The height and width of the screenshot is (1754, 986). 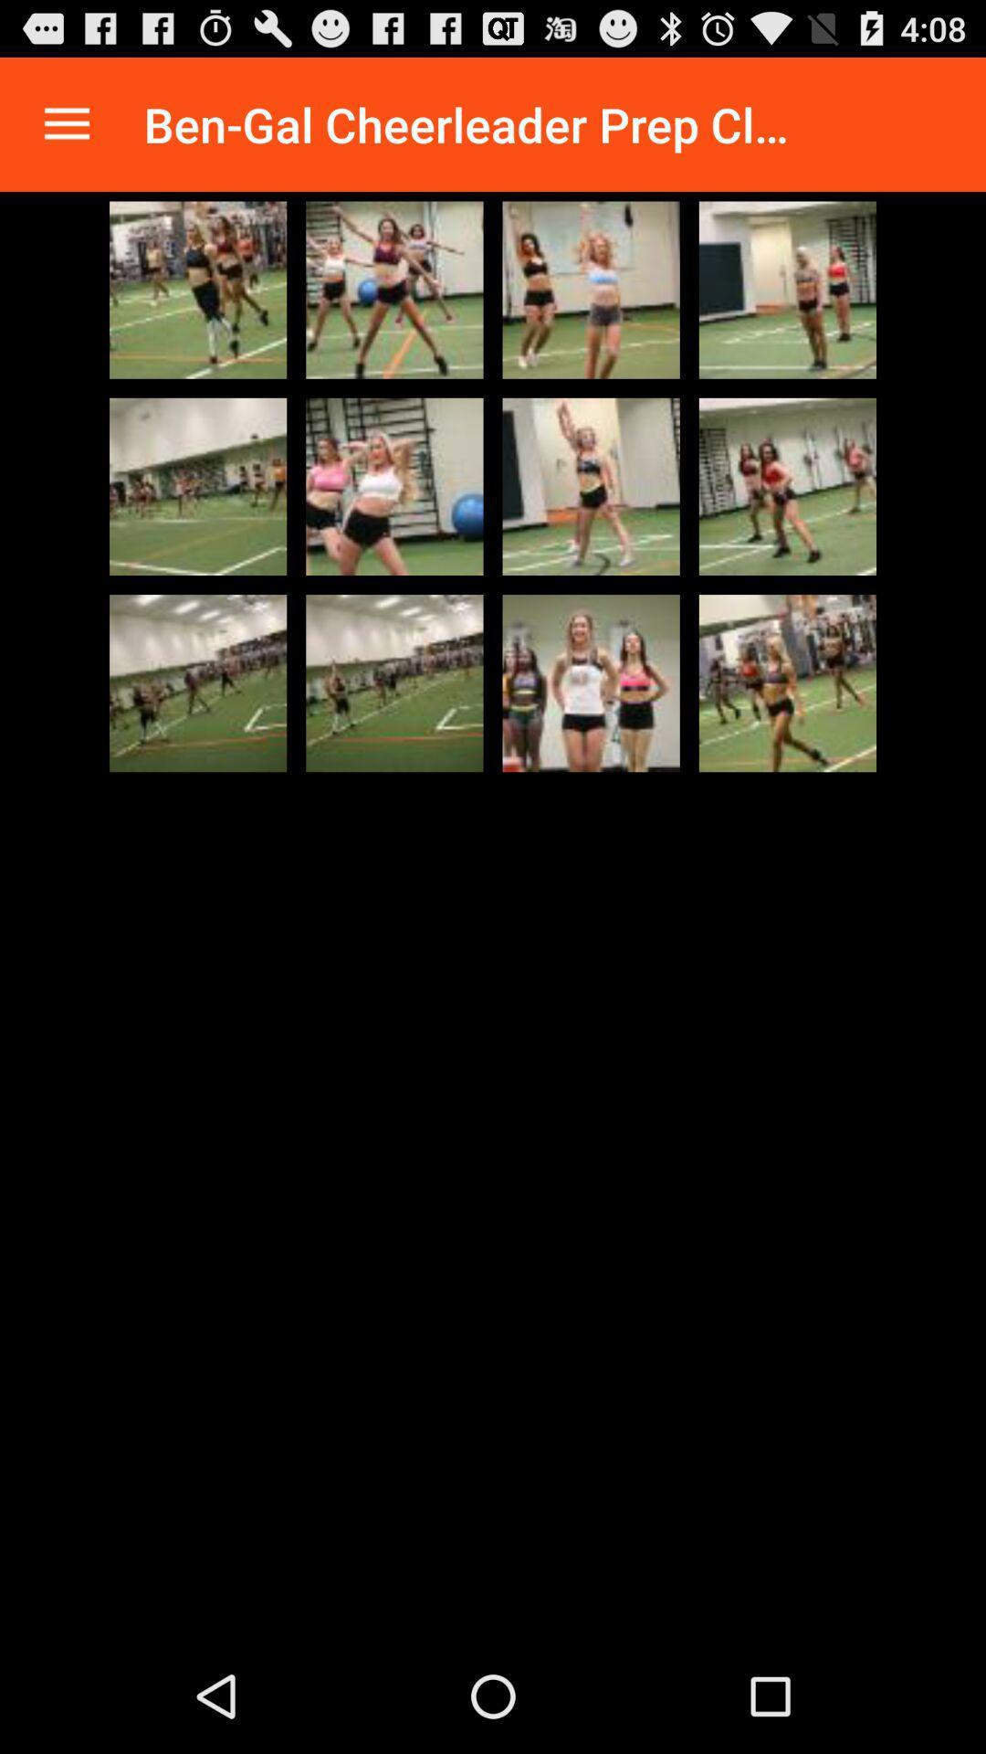 What do you see at coordinates (393, 289) in the screenshot?
I see `photo` at bounding box center [393, 289].